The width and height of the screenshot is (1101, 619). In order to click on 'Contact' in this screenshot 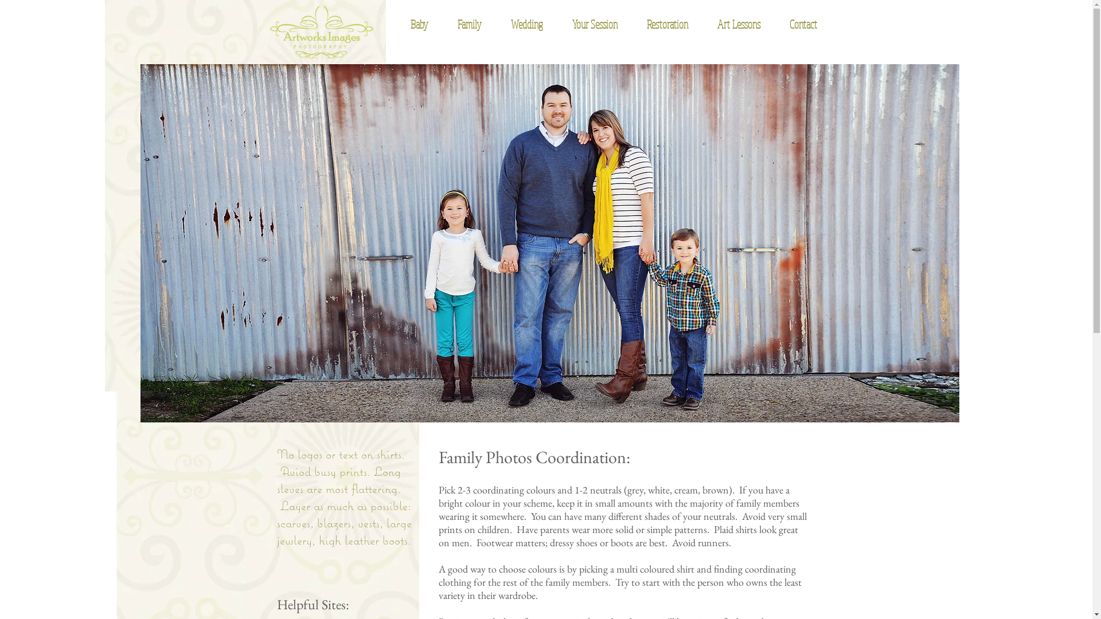, I will do `click(796, 24)`.